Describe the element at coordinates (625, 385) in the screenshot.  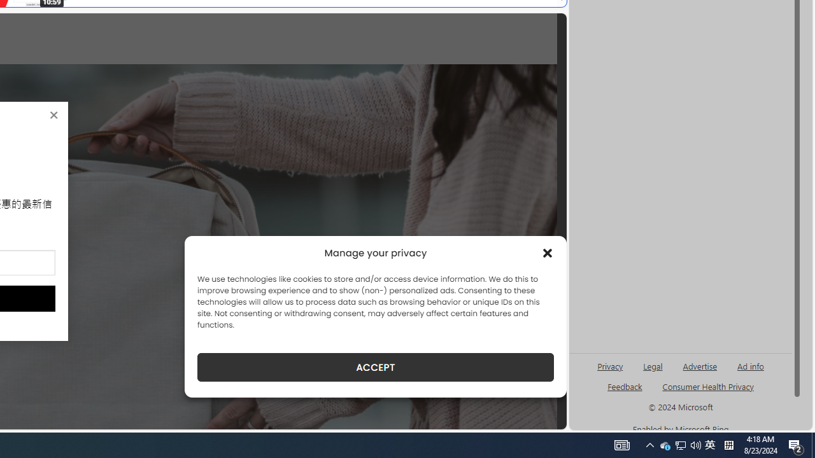
I see `'AutomationID: sb_feedback'` at that location.